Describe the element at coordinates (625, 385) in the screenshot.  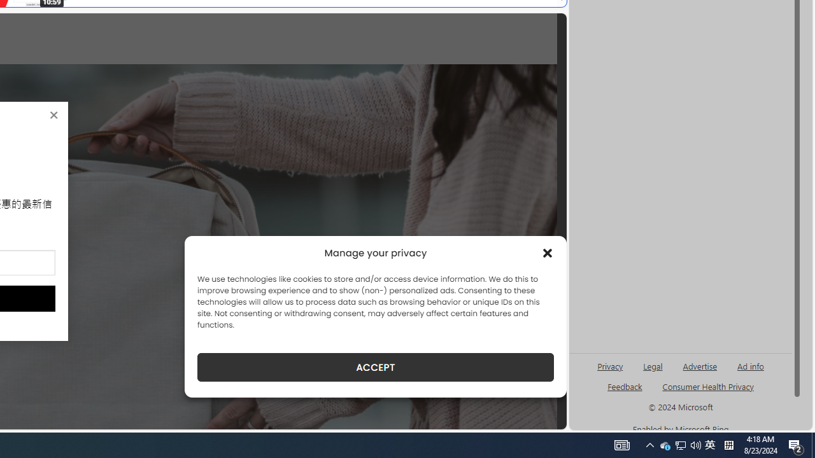
I see `'AutomationID: sb_feedback'` at that location.